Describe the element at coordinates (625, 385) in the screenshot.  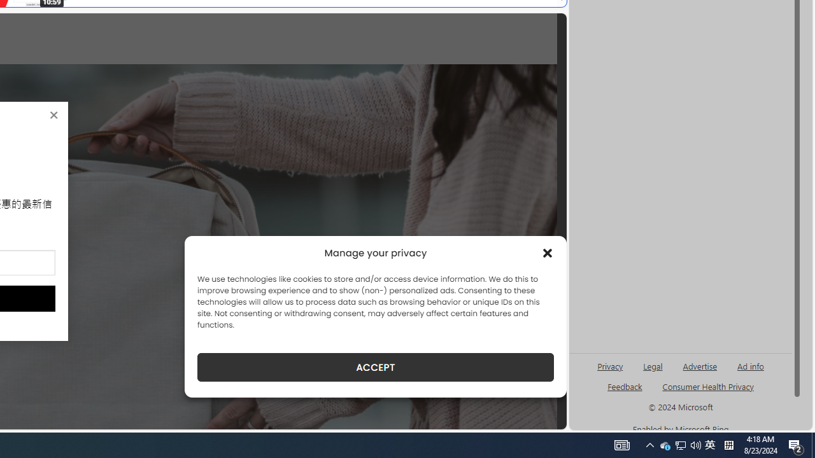
I see `'AutomationID: sb_feedback'` at that location.